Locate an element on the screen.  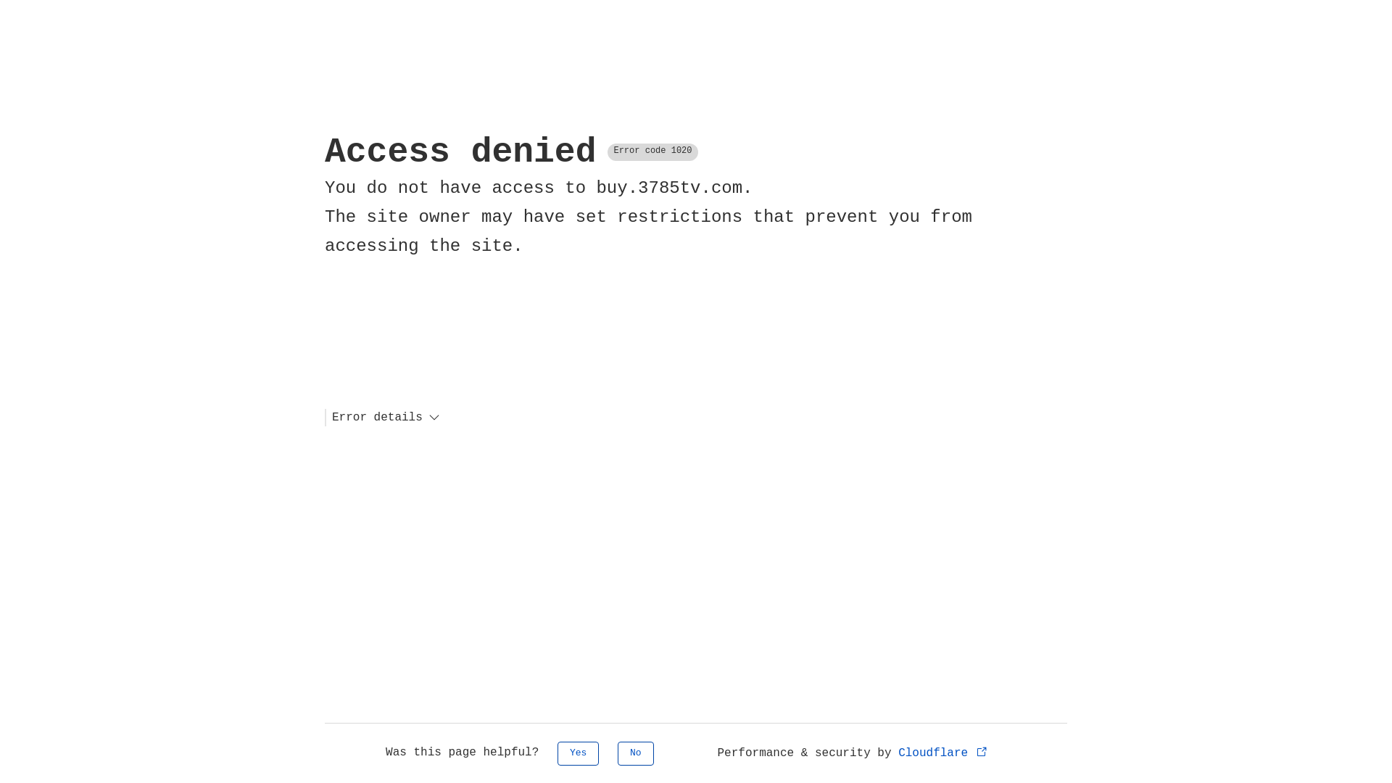
'No' is located at coordinates (636, 753).